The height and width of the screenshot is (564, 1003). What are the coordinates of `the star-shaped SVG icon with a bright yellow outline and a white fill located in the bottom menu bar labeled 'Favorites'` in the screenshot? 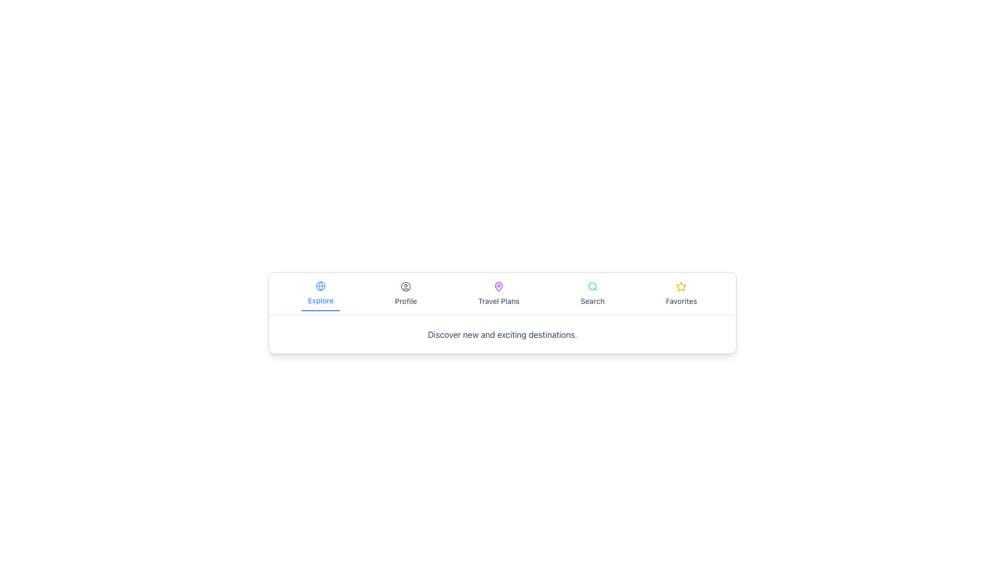 It's located at (681, 286).